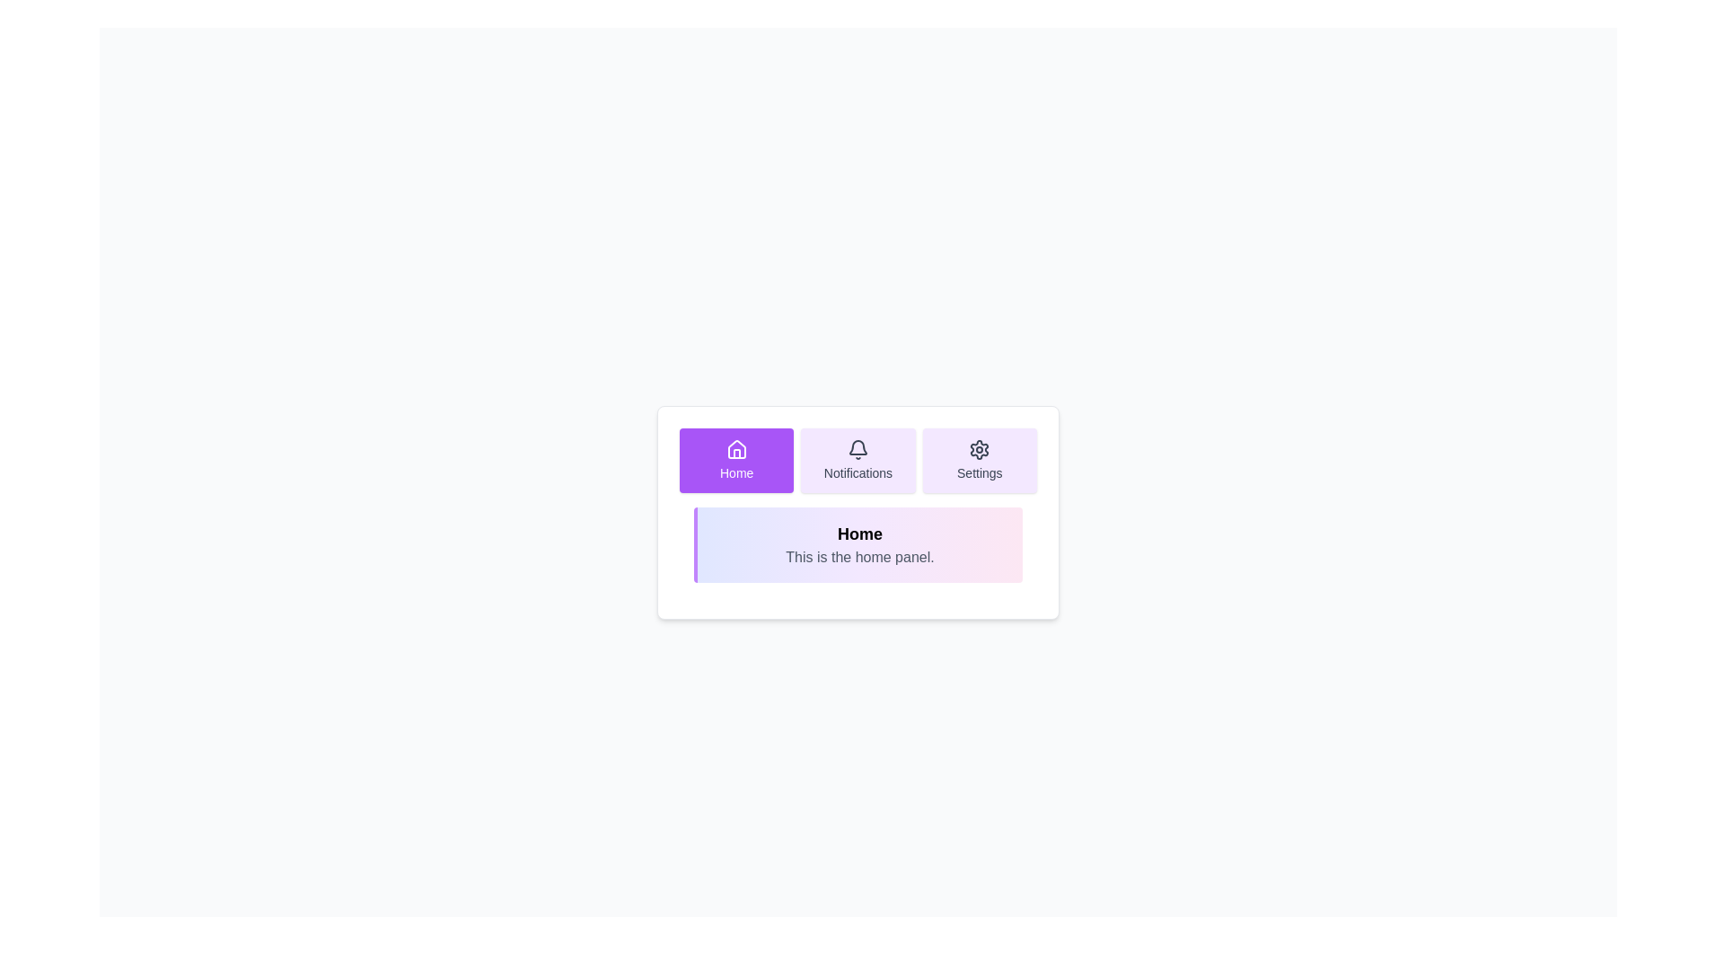 The image size is (1724, 970). What do you see at coordinates (736, 448) in the screenshot?
I see `the 'Home' icon button located at the top of the interface` at bounding box center [736, 448].